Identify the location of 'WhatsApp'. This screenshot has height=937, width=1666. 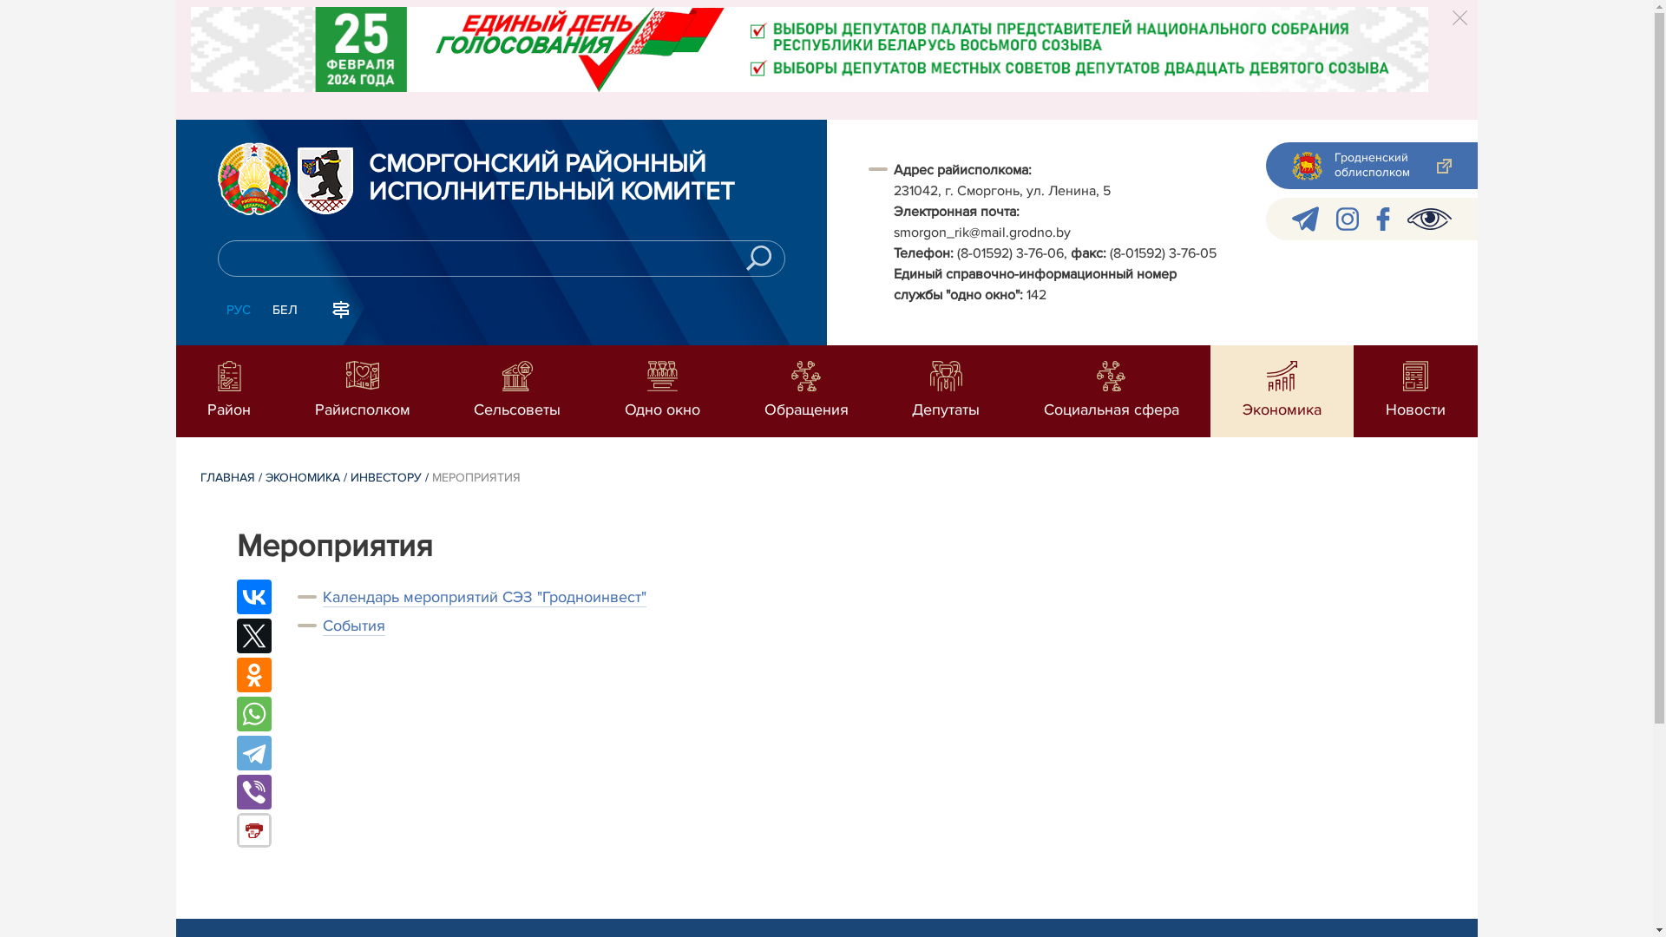
(253, 713).